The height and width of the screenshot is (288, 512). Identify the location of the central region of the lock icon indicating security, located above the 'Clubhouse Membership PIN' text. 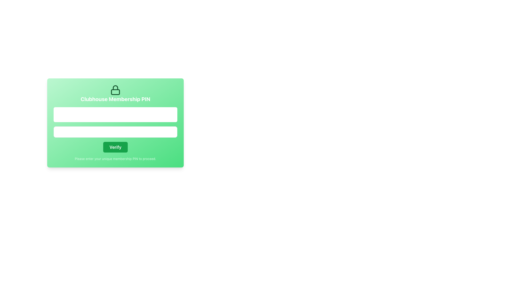
(115, 91).